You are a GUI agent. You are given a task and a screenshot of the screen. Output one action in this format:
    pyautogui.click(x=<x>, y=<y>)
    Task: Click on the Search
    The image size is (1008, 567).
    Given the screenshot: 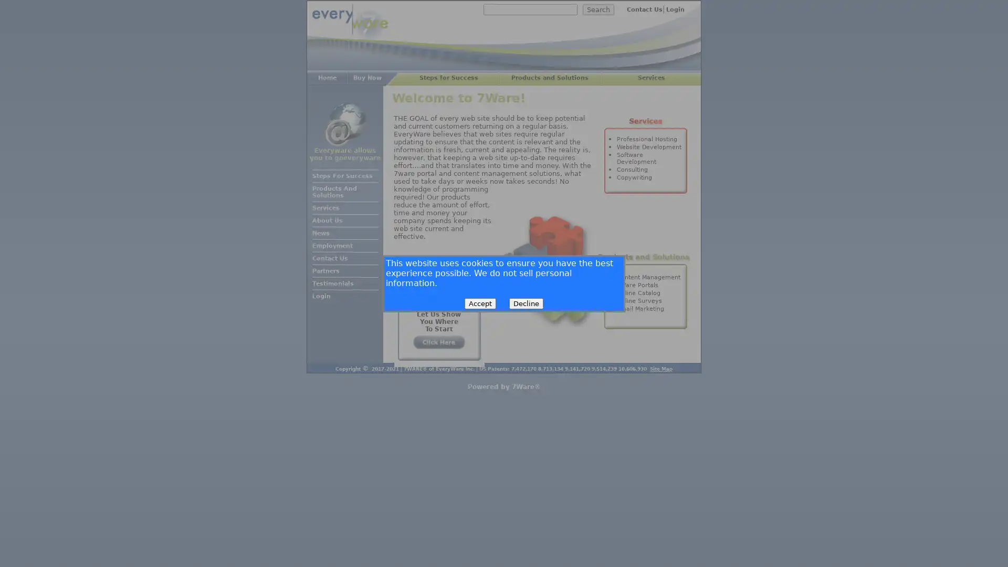 What is the action you would take?
    pyautogui.click(x=598, y=9)
    